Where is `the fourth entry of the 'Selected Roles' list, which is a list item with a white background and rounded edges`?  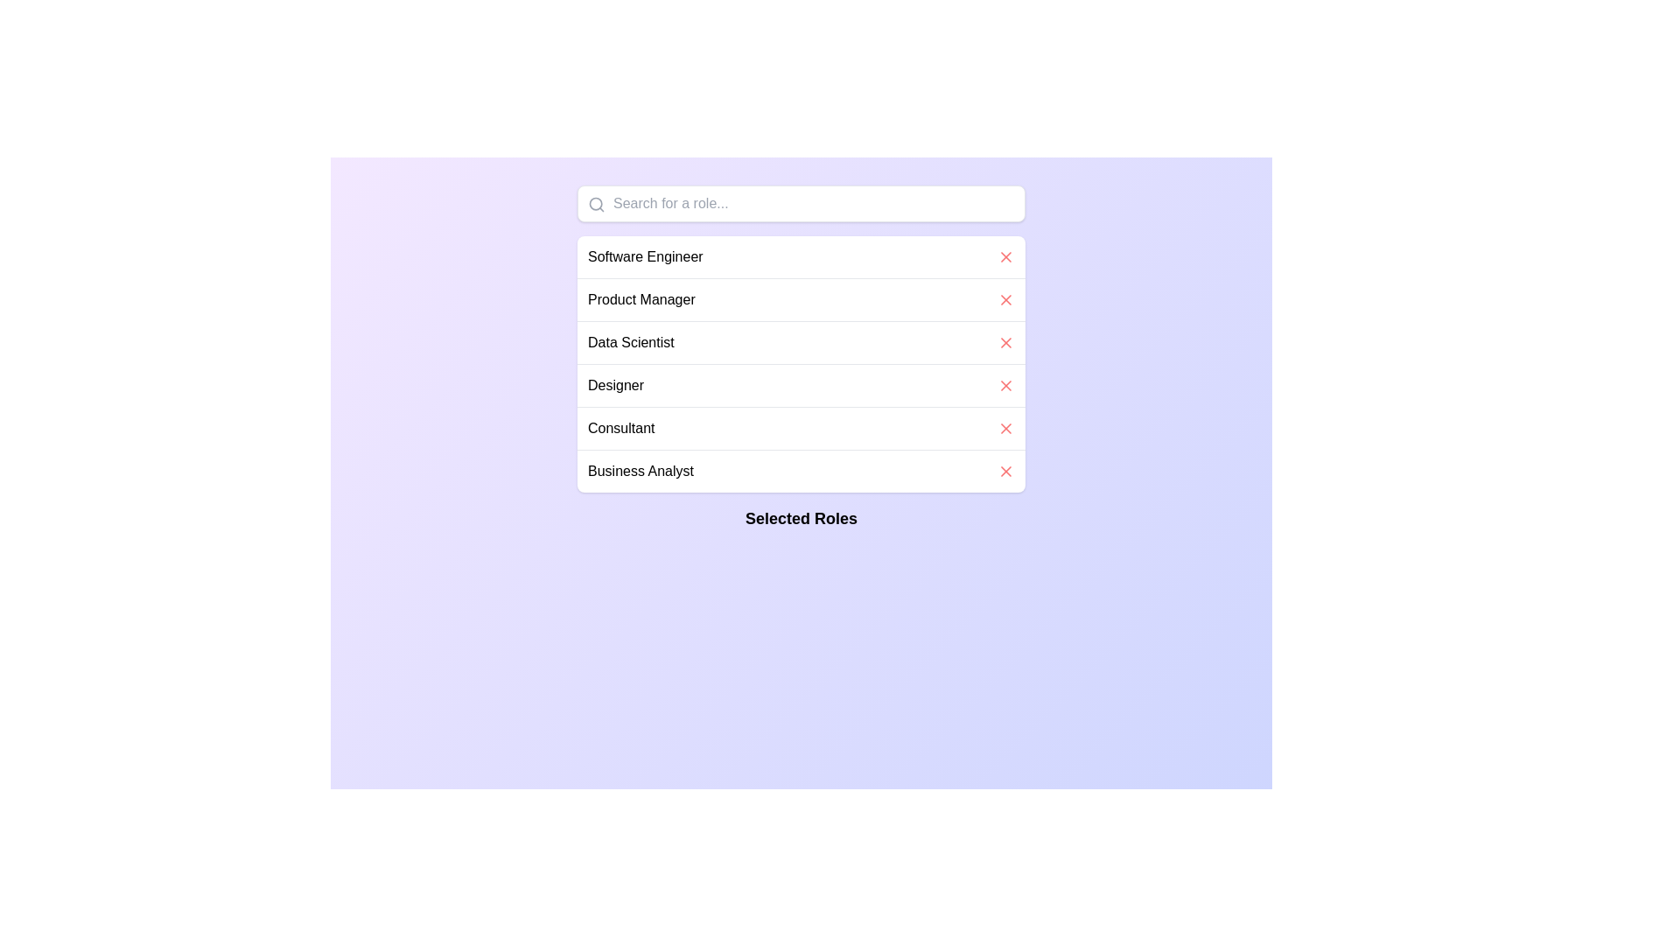
the fourth entry of the 'Selected Roles' list, which is a list item with a white background and rounded edges is located at coordinates (801, 363).